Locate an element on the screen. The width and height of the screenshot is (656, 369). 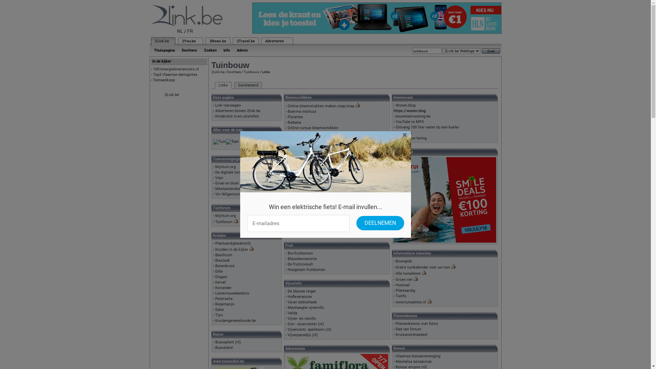
'Tuinfo' is located at coordinates (401, 296).